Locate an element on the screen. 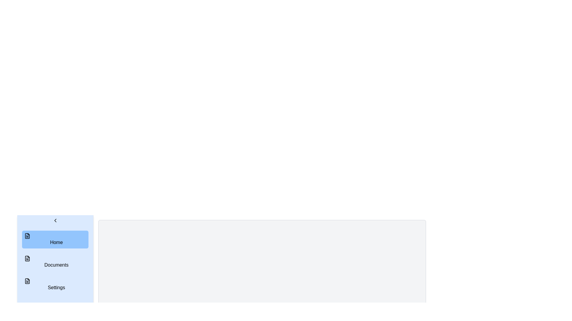  the 'Home' text label in the vertical navigation menu, which is located to the right of the icon within a rounded rectangular button group is located at coordinates (56, 242).